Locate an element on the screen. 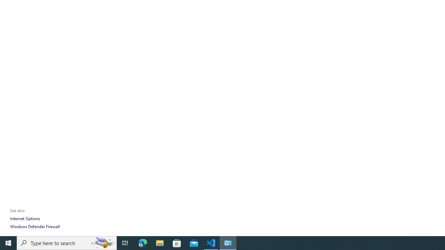  'Internet Options' is located at coordinates (25, 218).